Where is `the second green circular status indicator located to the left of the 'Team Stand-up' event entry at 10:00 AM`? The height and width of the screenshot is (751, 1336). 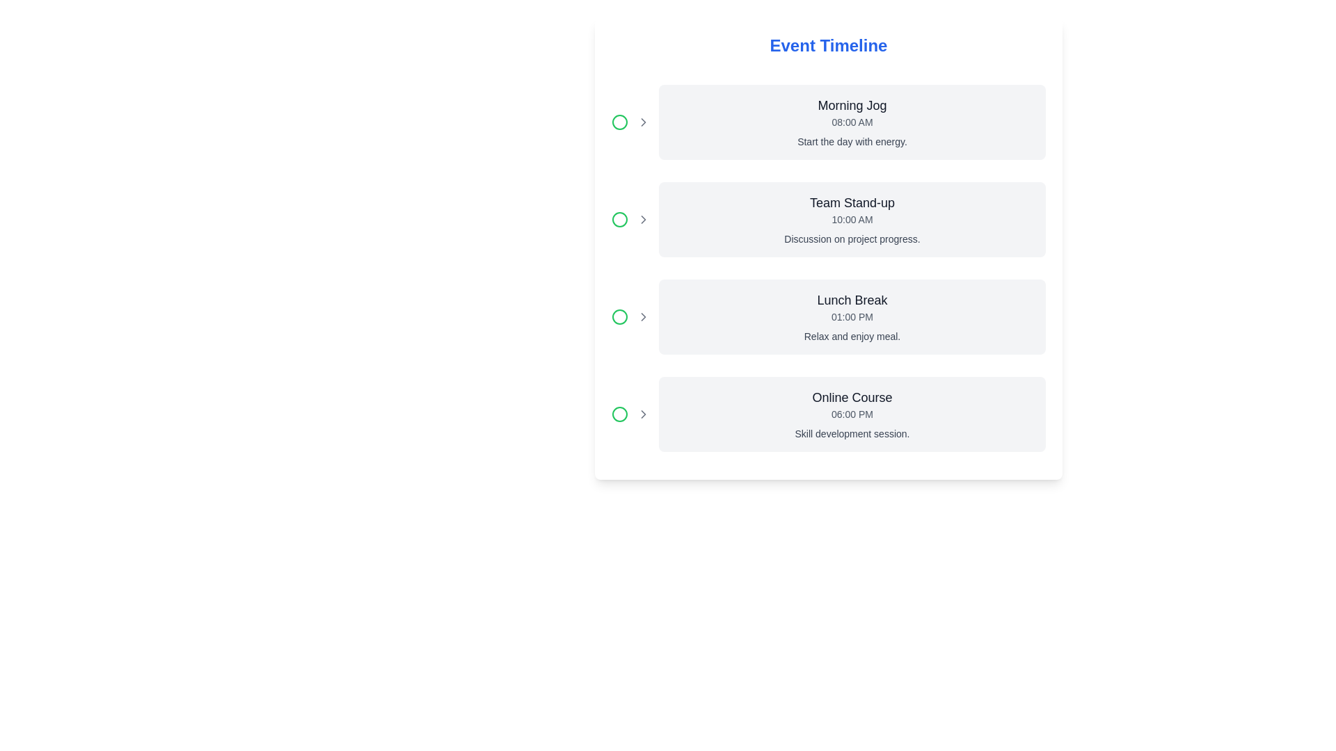
the second green circular status indicator located to the left of the 'Team Stand-up' event entry at 10:00 AM is located at coordinates (619, 219).